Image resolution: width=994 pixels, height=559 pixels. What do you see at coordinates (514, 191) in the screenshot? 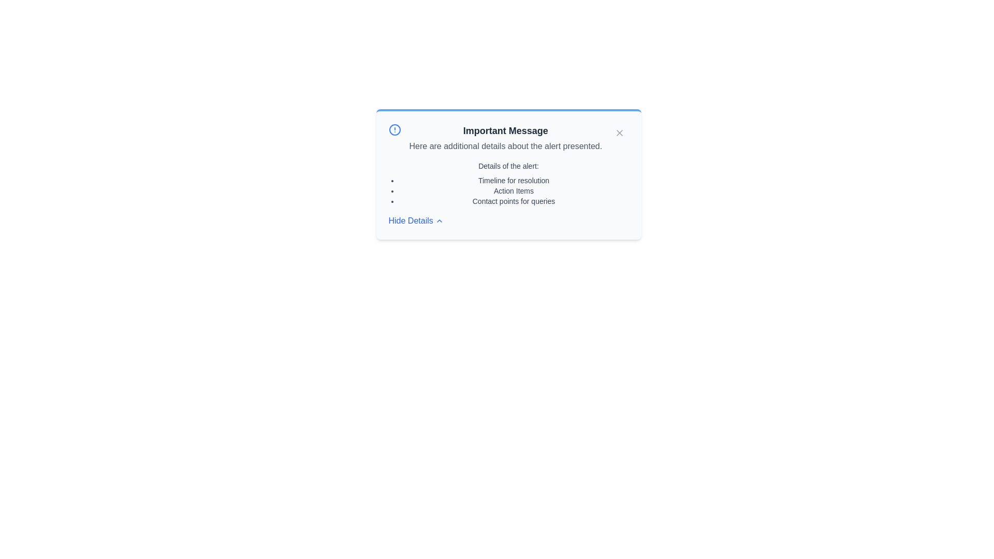
I see `the text label 'Action Items', which is the second item in a bullet-point list under the heading 'Important Message'` at bounding box center [514, 191].